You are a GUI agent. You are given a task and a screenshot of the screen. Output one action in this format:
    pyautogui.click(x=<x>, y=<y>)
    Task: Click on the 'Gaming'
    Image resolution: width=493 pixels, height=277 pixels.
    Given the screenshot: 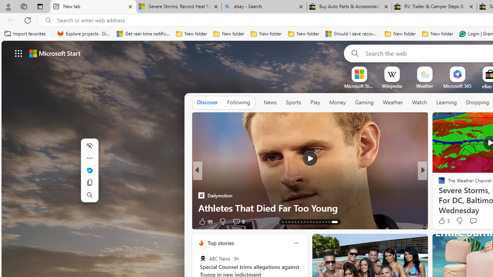 What is the action you would take?
    pyautogui.click(x=364, y=102)
    